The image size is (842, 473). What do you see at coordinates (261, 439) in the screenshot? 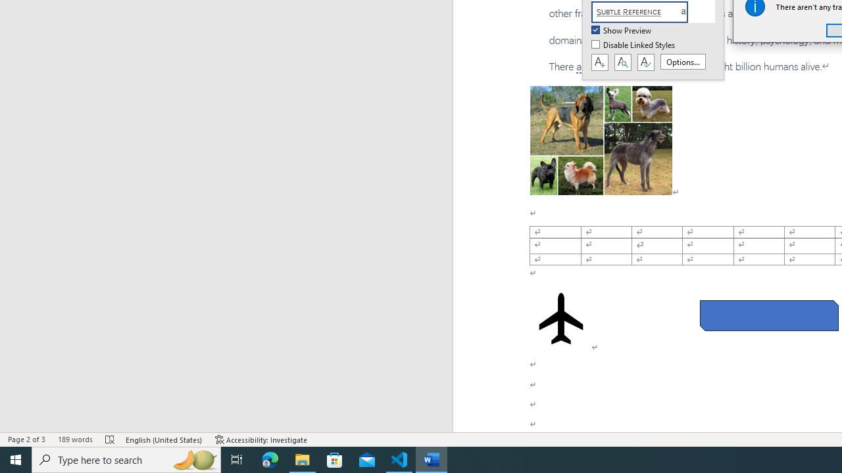
I see `'Accessibility Checker Accessibility: Investigate'` at bounding box center [261, 439].